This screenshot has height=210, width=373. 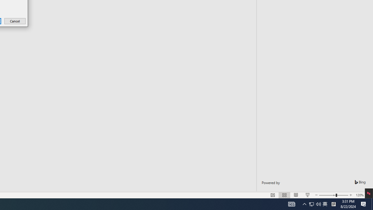 I want to click on 'Notification Chevron', so click(x=311, y=204).